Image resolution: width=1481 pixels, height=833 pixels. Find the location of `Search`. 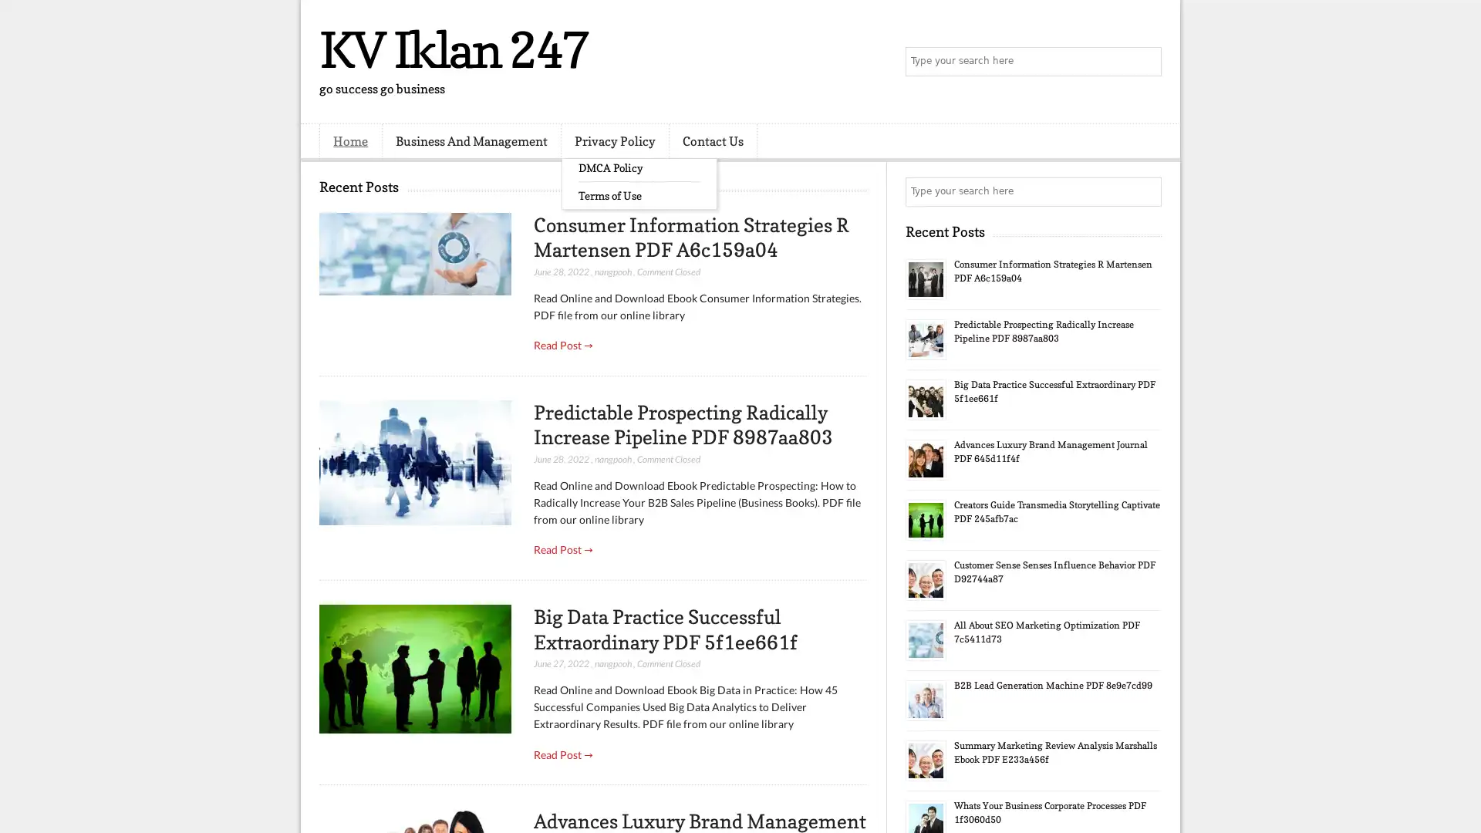

Search is located at coordinates (1145, 62).